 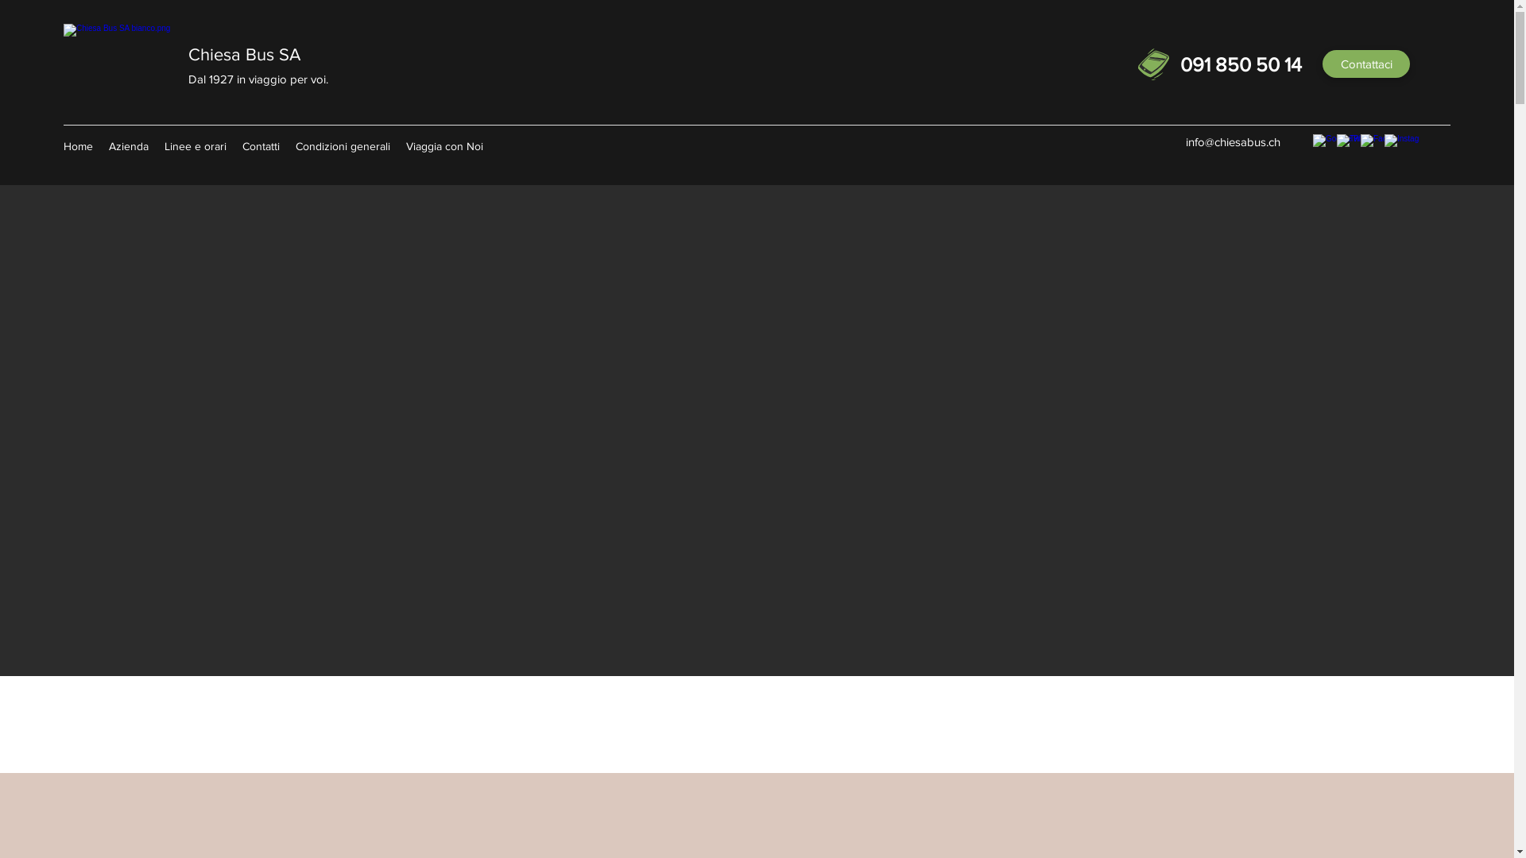 I want to click on 'Condizioni generali', so click(x=287, y=146).